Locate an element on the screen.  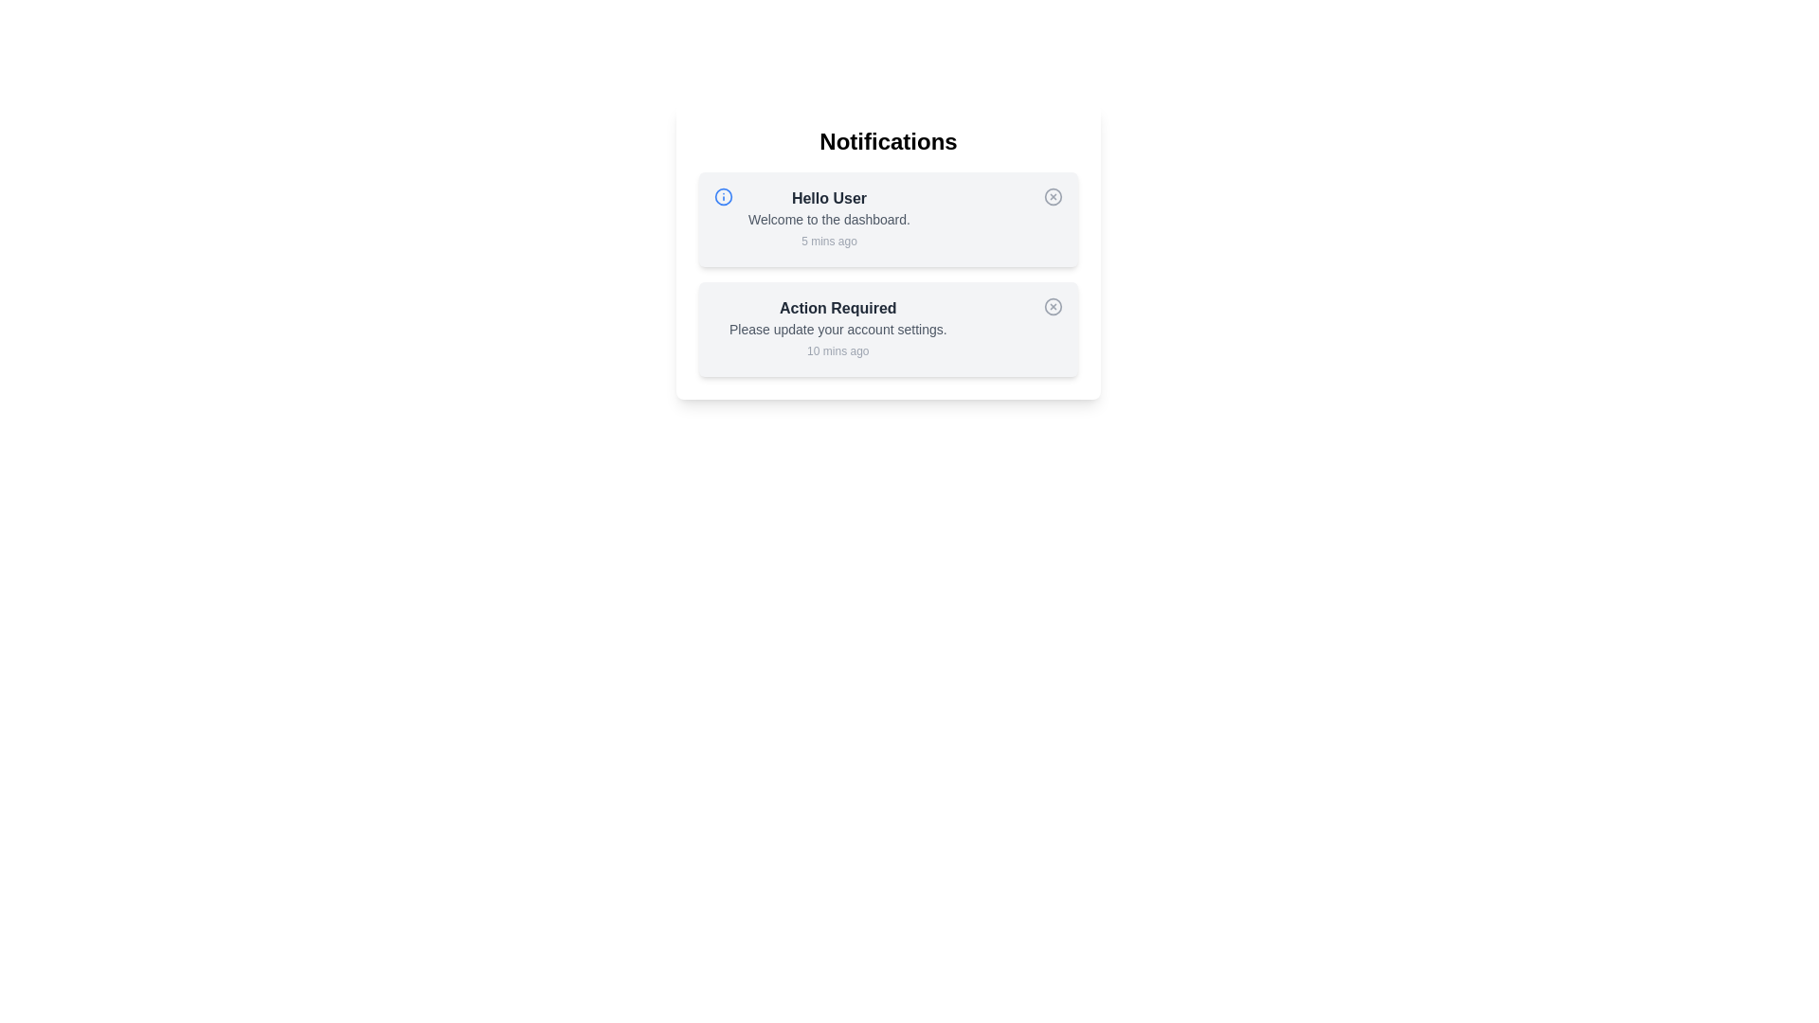
the Text label that serves as a header for the 'Action Required' notification, which is positioned at the second spot in the notifications list is located at coordinates (837, 308).